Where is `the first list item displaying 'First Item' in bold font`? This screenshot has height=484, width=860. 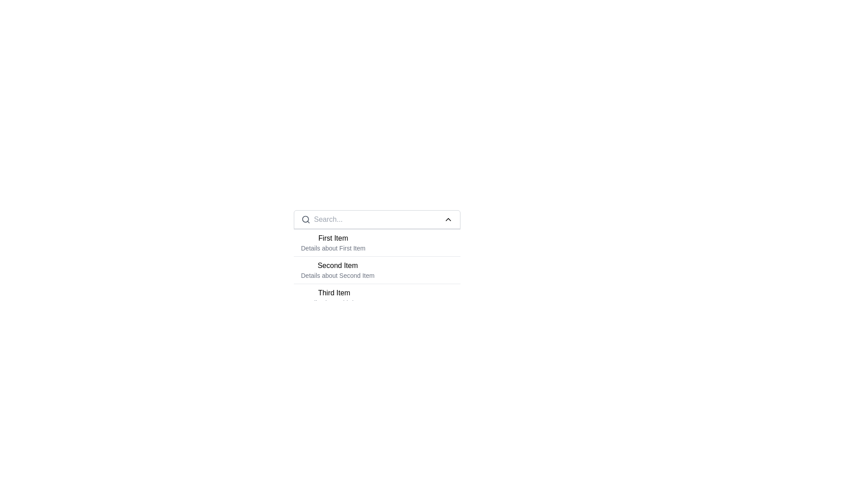 the first list item displaying 'First Item' in bold font is located at coordinates (377, 243).